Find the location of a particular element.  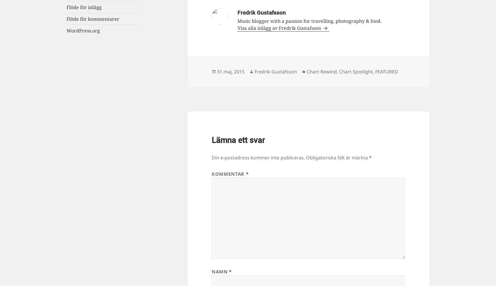

'Visa alla inlägg av Fredrik Gustafsson' is located at coordinates (280, 28).